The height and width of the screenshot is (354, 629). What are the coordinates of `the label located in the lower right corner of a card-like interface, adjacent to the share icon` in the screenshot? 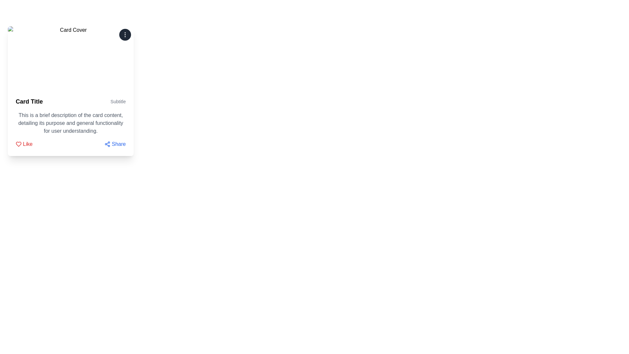 It's located at (119, 144).